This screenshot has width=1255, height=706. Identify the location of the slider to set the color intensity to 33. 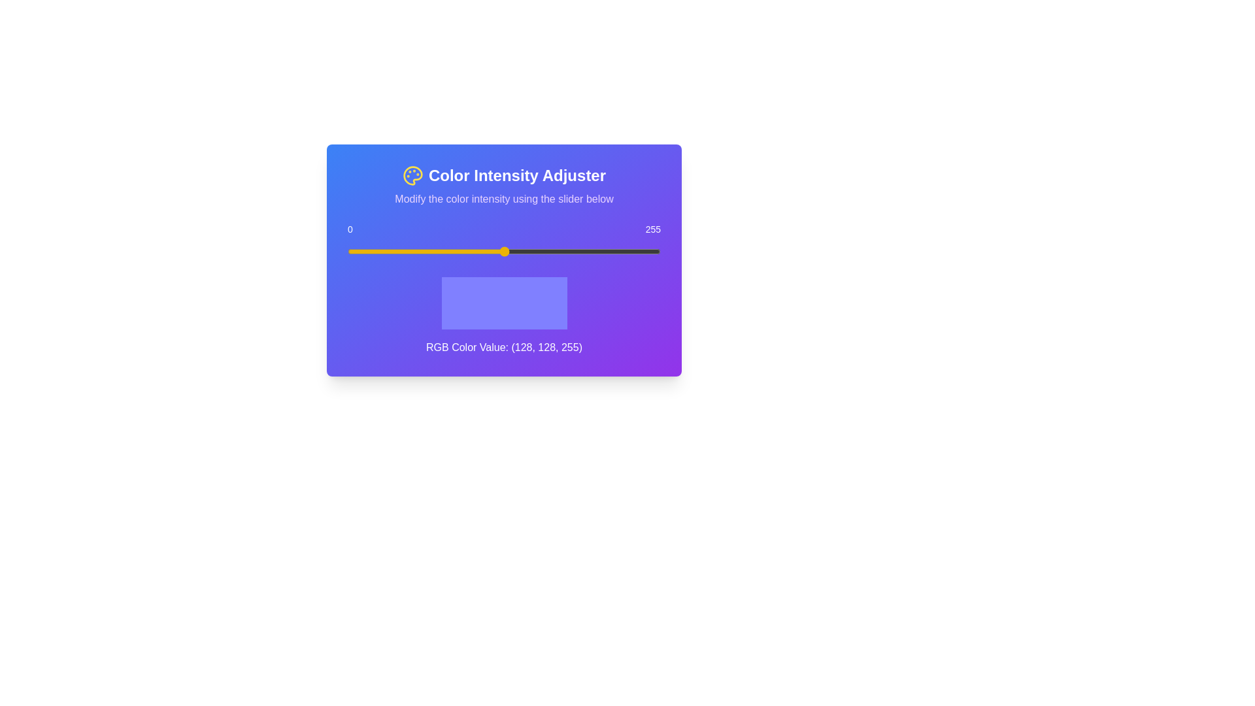
(388, 252).